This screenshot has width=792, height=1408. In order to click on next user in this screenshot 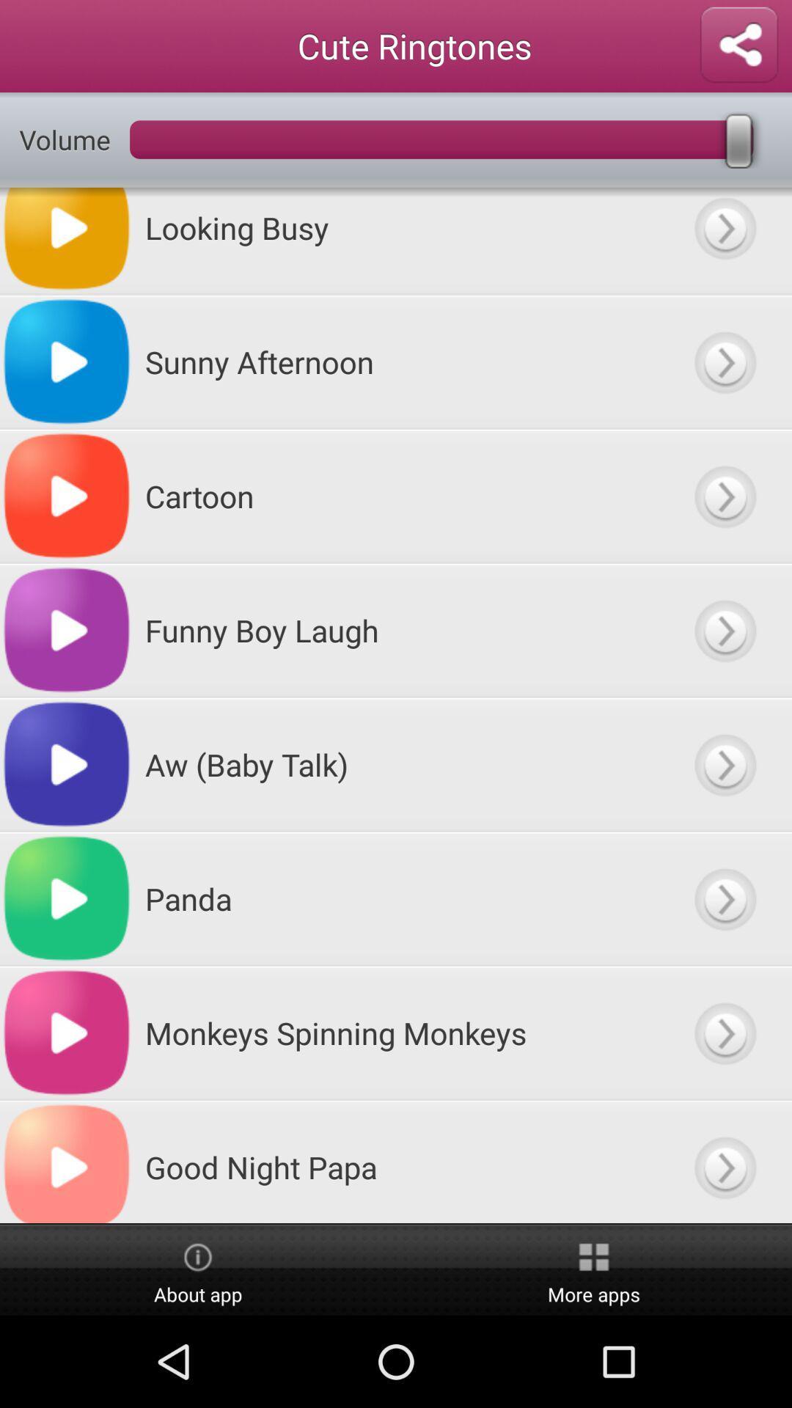, I will do `click(724, 241)`.